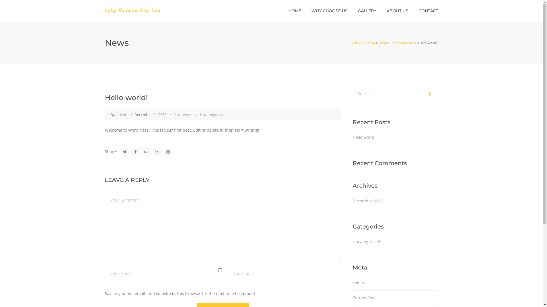  Describe the element at coordinates (121, 114) in the screenshot. I see `'ladmin'` at that location.